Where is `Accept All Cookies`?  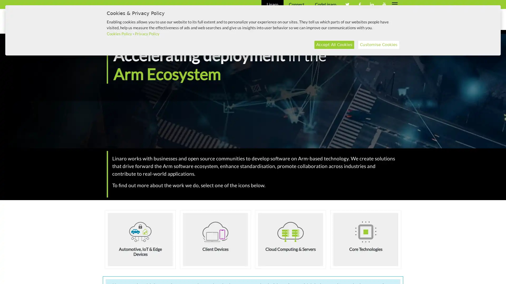
Accept All Cookies is located at coordinates (334, 44).